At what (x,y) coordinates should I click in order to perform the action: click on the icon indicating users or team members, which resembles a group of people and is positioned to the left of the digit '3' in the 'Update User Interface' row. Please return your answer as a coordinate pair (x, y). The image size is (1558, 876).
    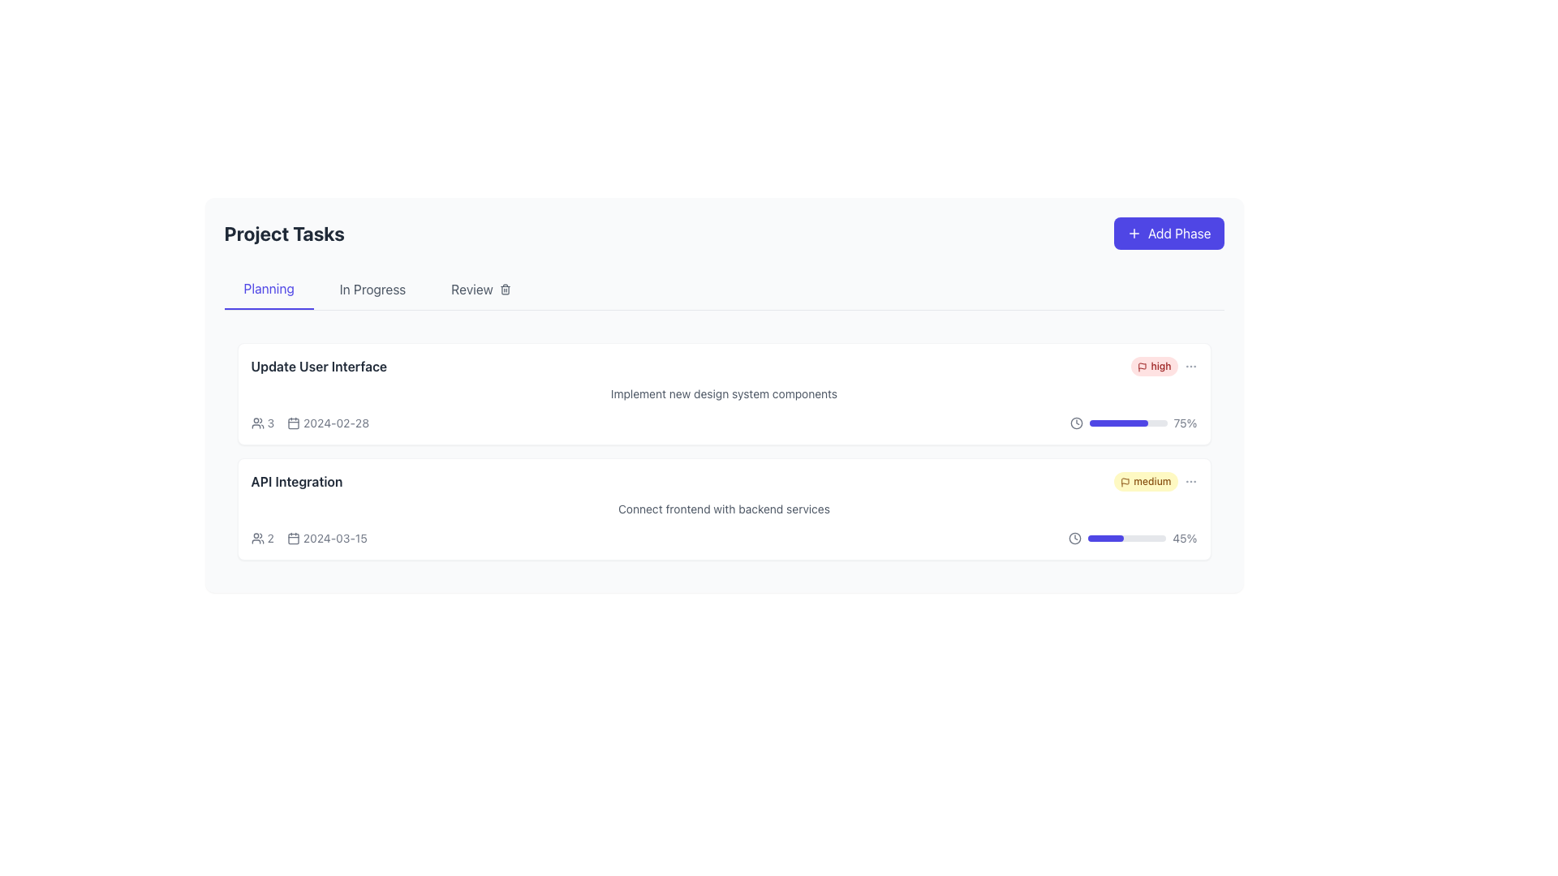
    Looking at the image, I should click on (256, 422).